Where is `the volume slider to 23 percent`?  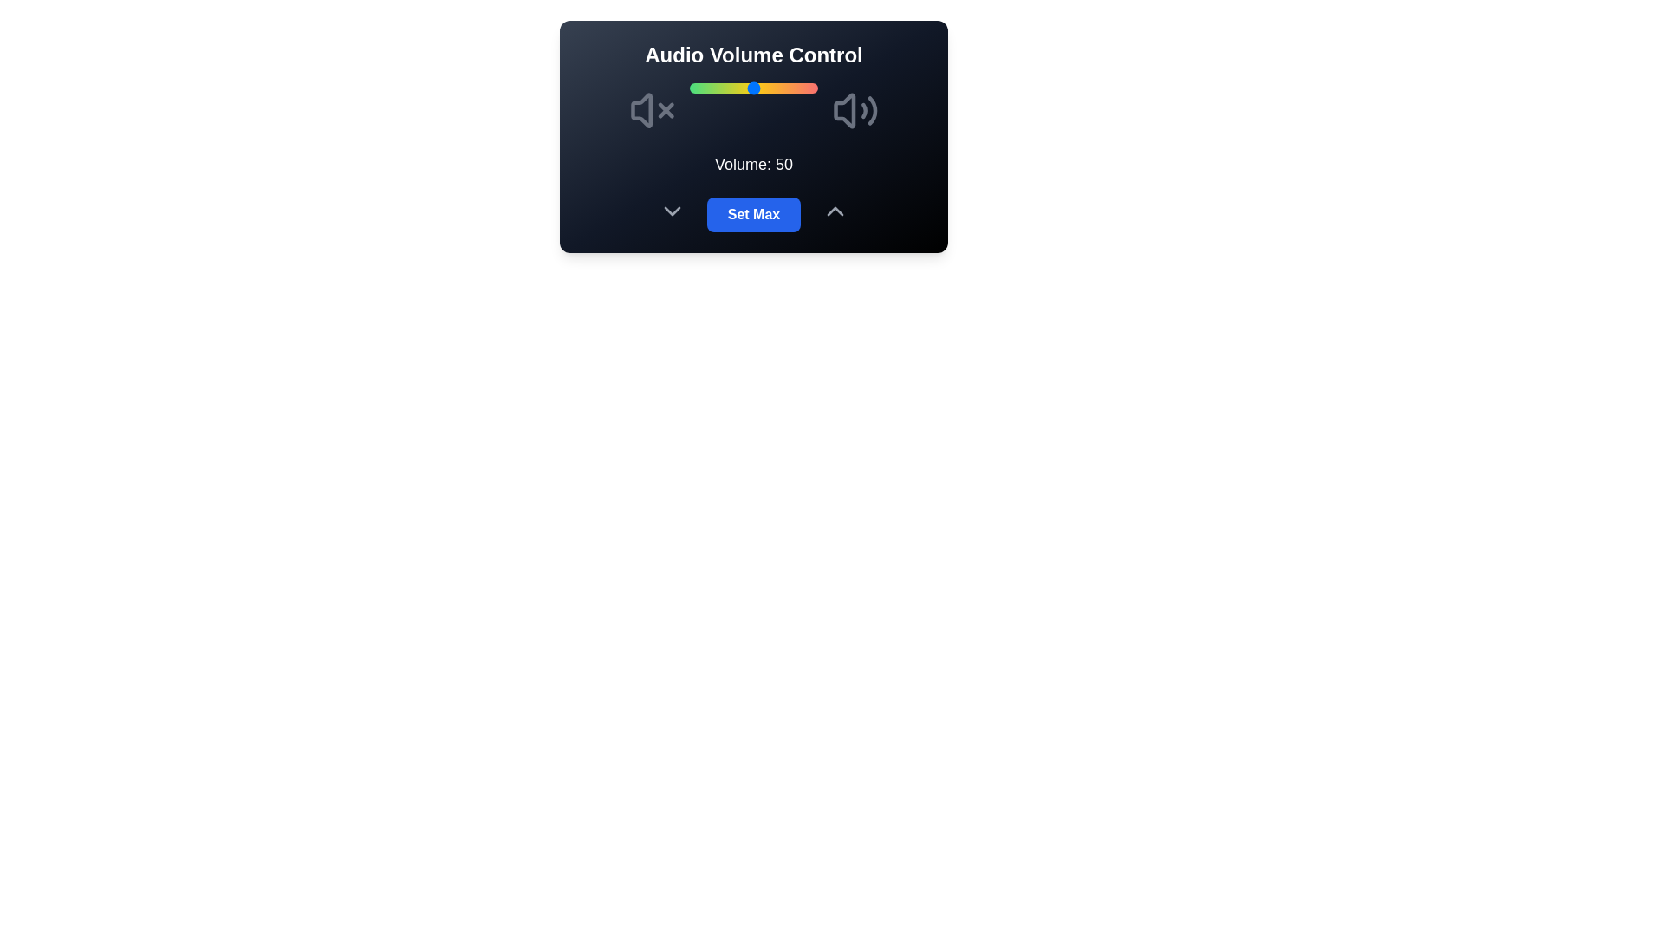
the volume slider to 23 percent is located at coordinates (719, 88).